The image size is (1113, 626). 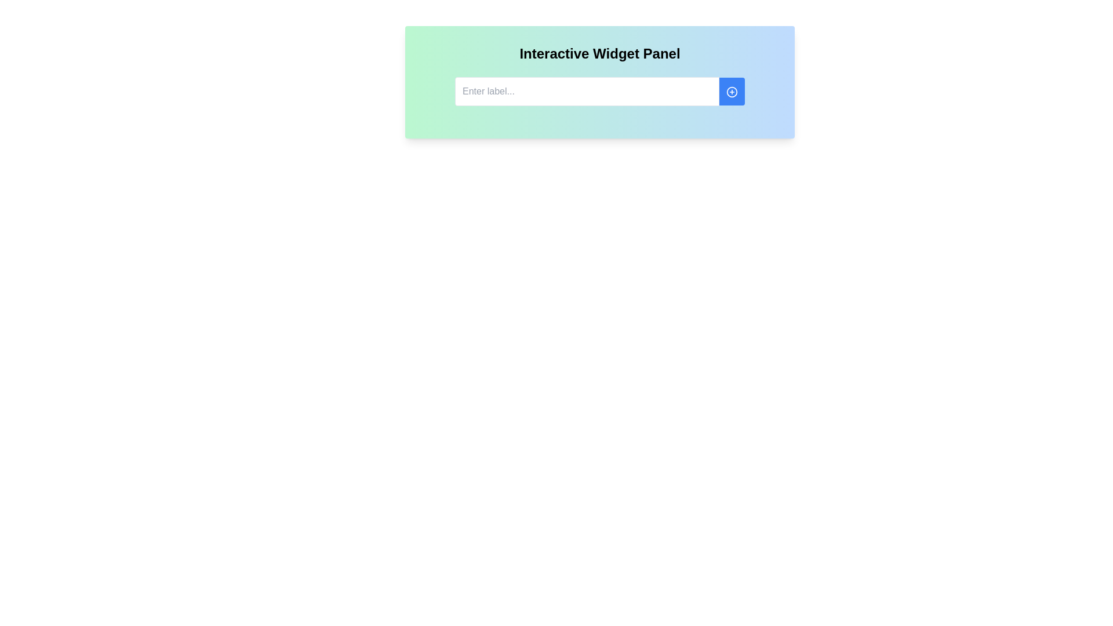 I want to click on the circular button with a plus sign, which is outlined and located at the right end of the blue button next to the text input field, so click(x=731, y=91).